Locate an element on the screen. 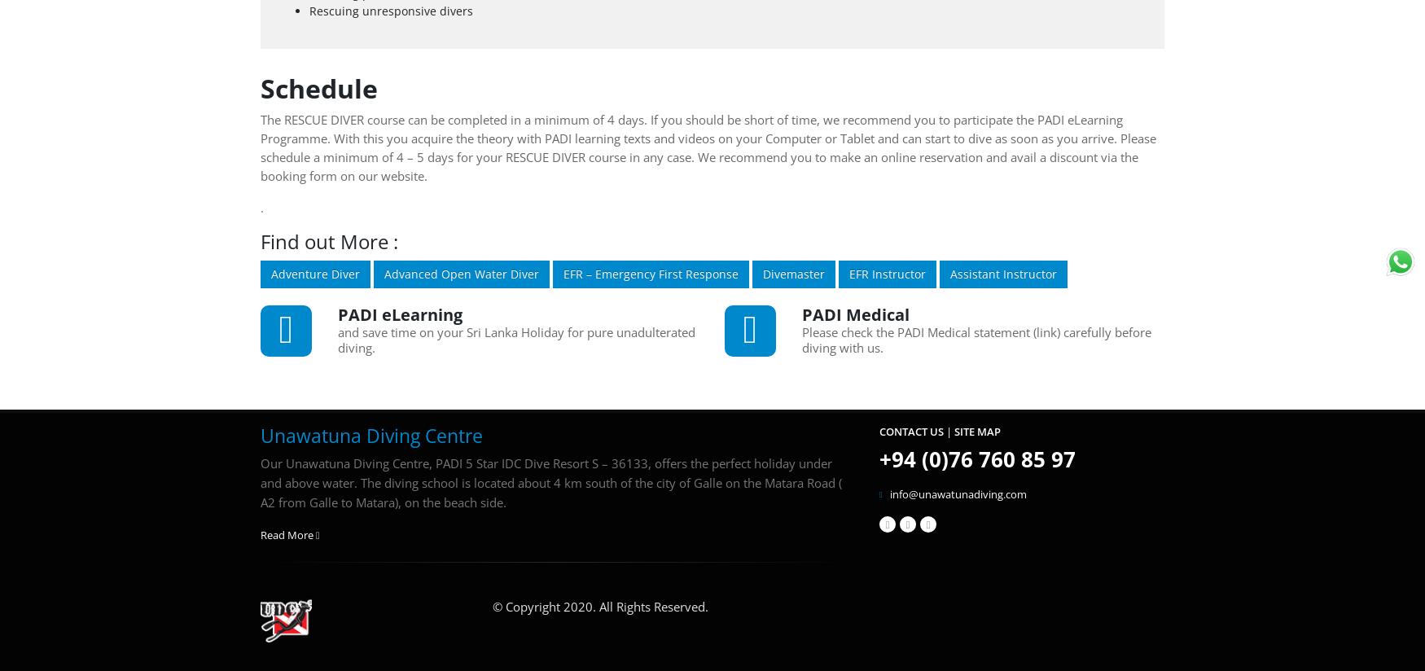  'Contact Us' is located at coordinates (911, 431).